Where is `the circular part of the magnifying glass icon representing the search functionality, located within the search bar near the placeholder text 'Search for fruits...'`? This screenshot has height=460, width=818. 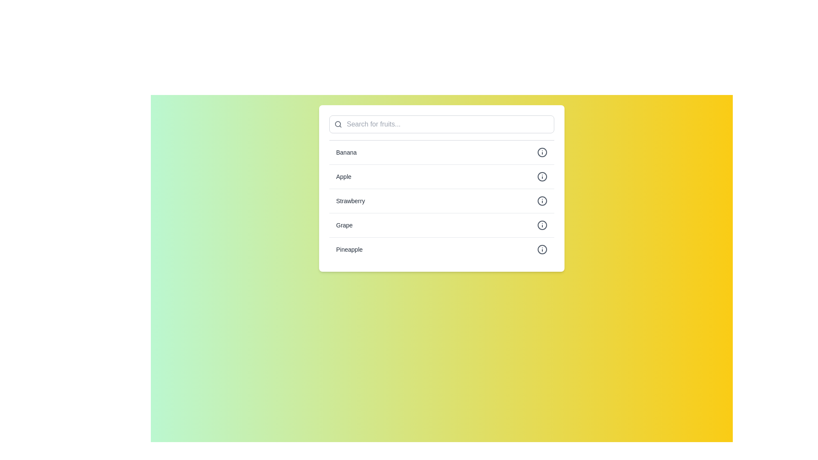
the circular part of the magnifying glass icon representing the search functionality, located within the search bar near the placeholder text 'Search for fruits...' is located at coordinates (337, 124).